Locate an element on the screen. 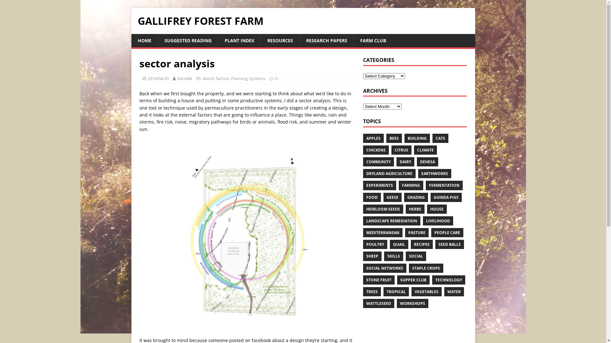  'SEED BALLS' is located at coordinates (435, 244).